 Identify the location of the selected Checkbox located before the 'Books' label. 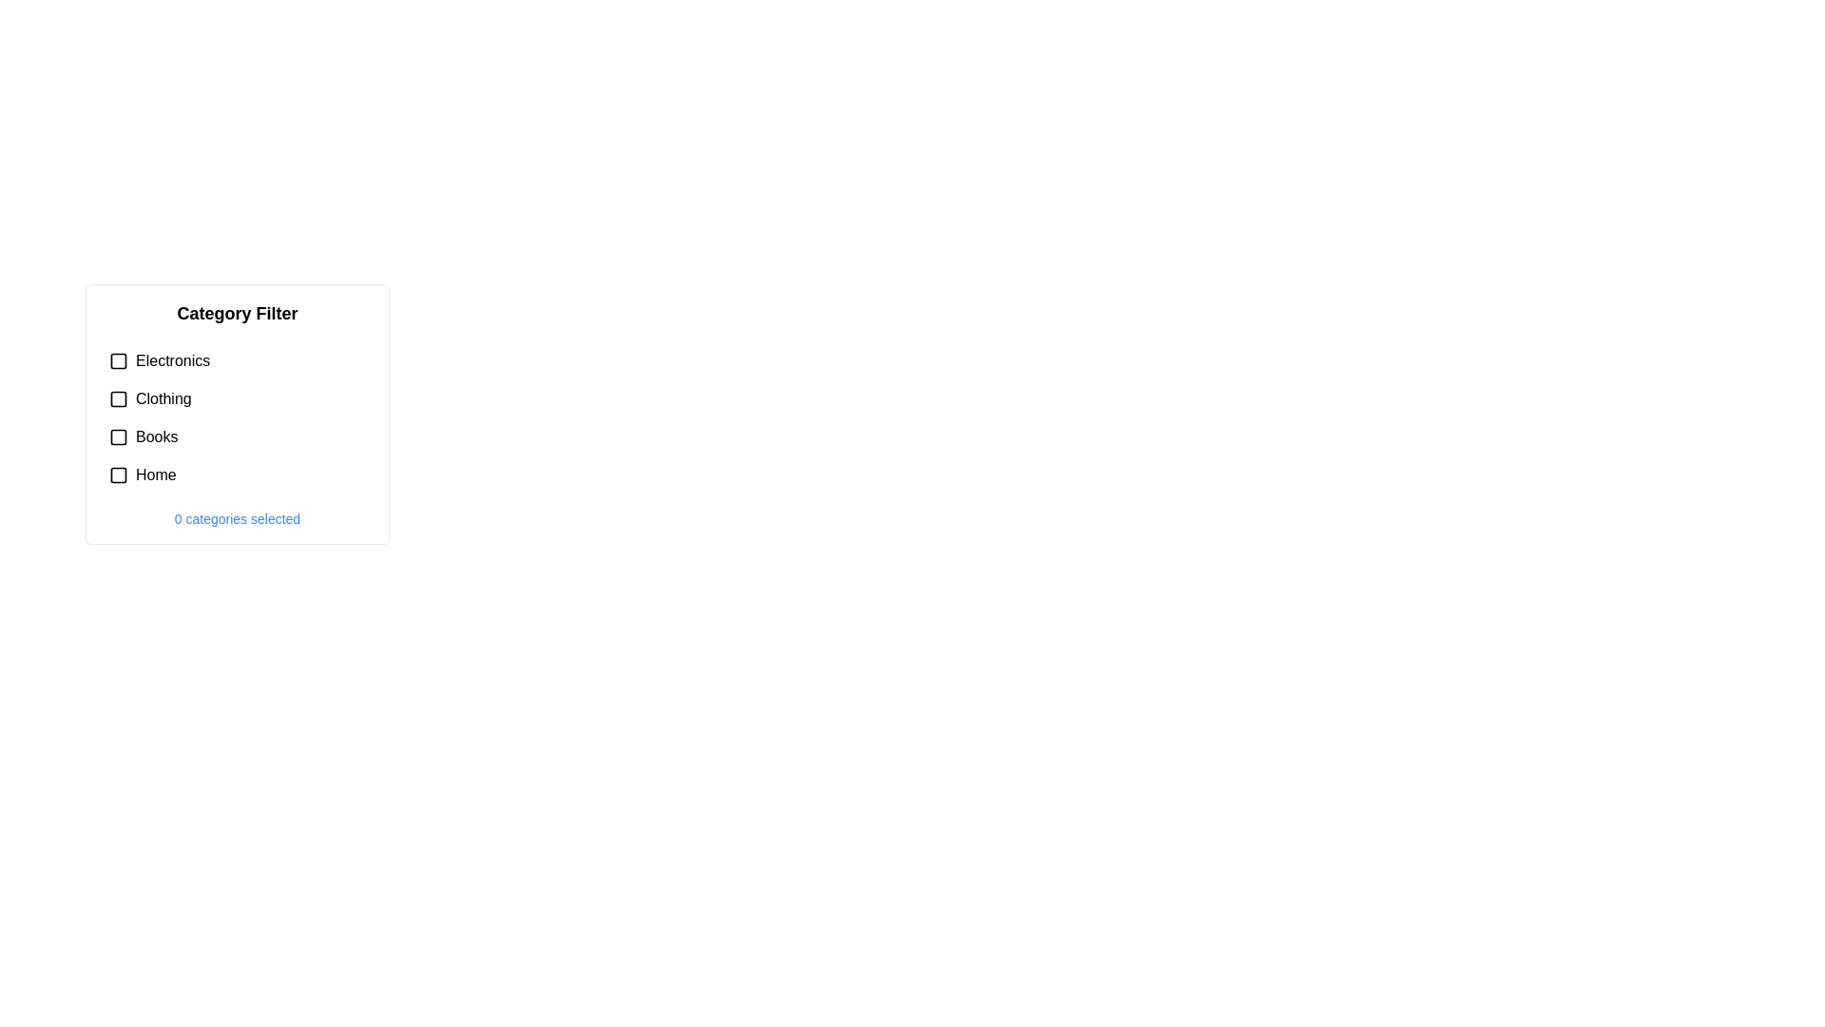
(117, 436).